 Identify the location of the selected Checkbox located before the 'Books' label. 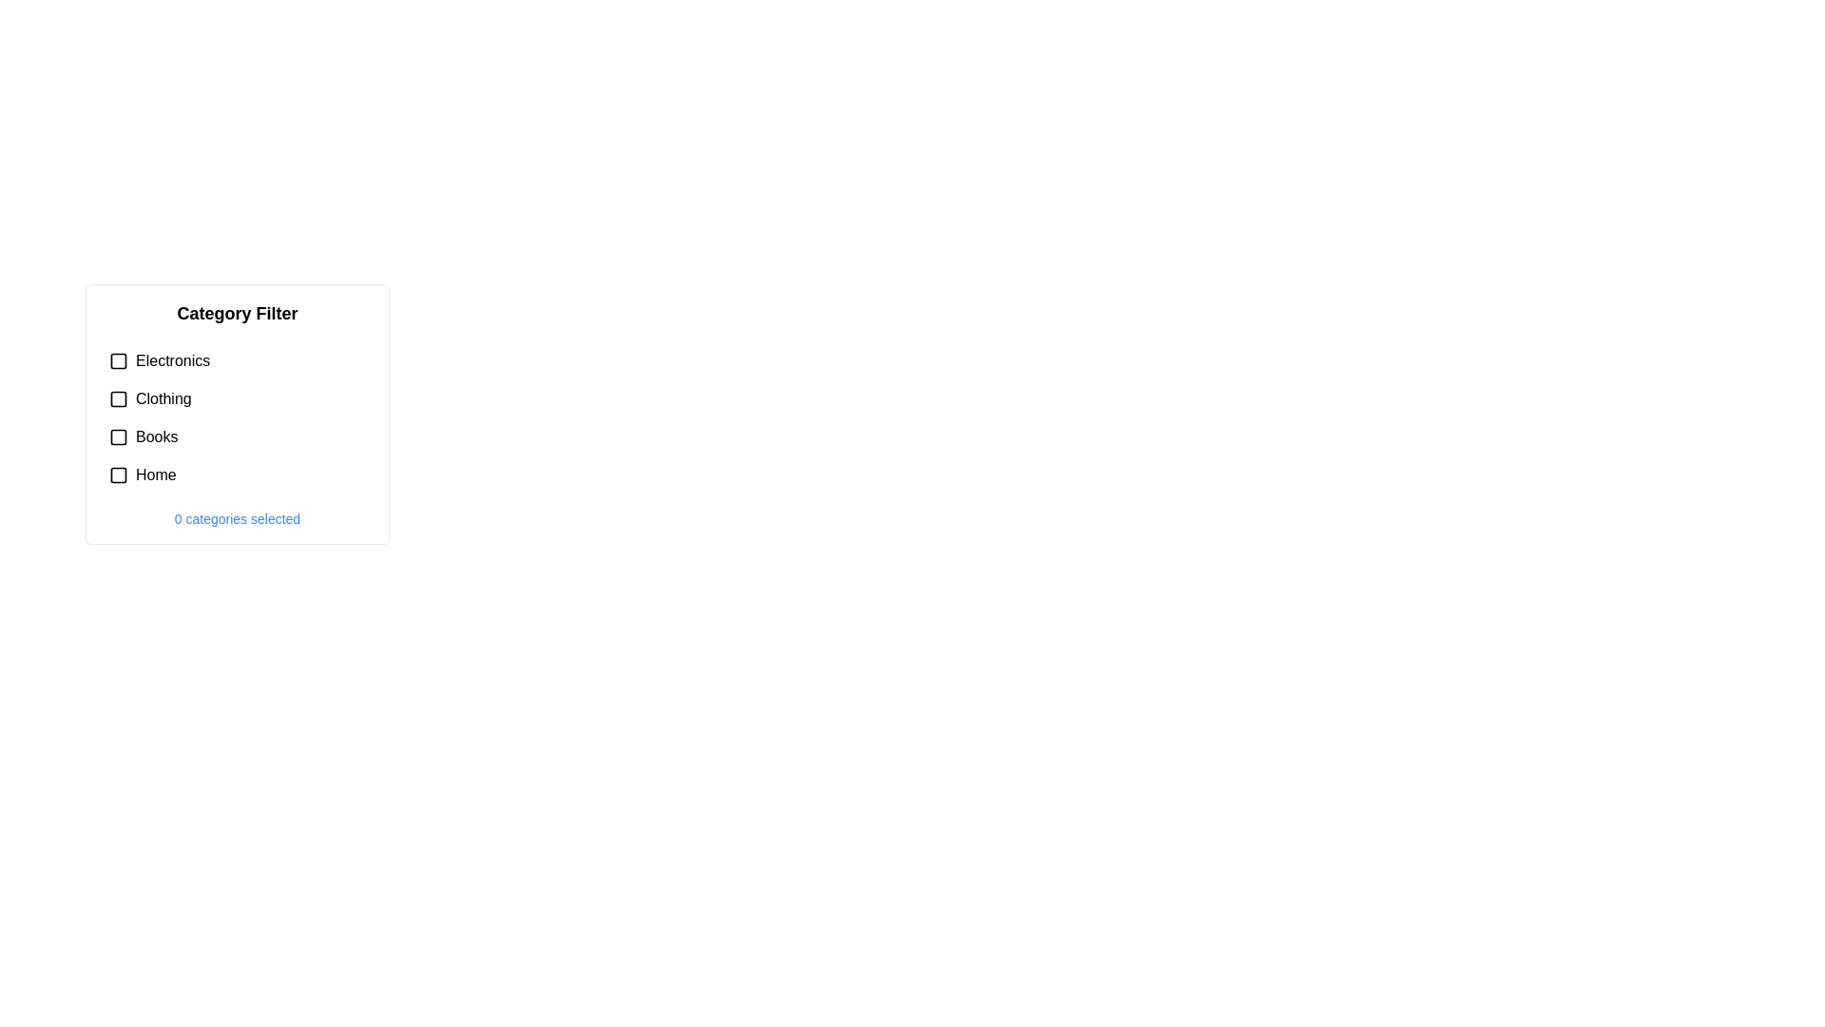
(117, 436).